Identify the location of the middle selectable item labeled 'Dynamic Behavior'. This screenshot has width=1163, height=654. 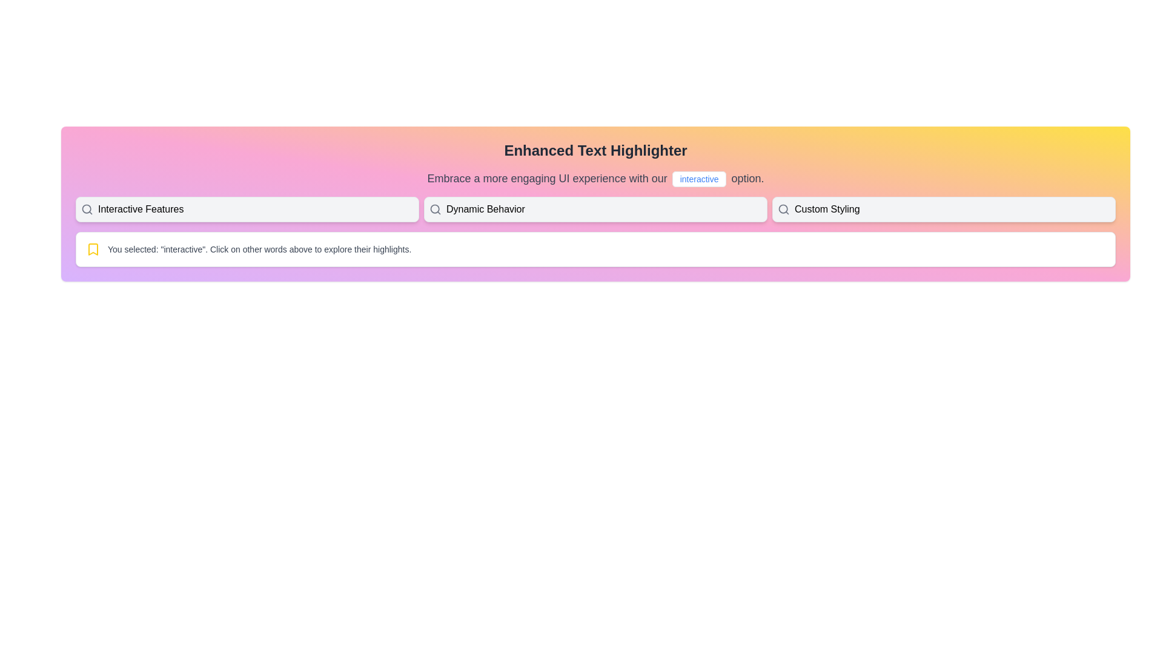
(595, 209).